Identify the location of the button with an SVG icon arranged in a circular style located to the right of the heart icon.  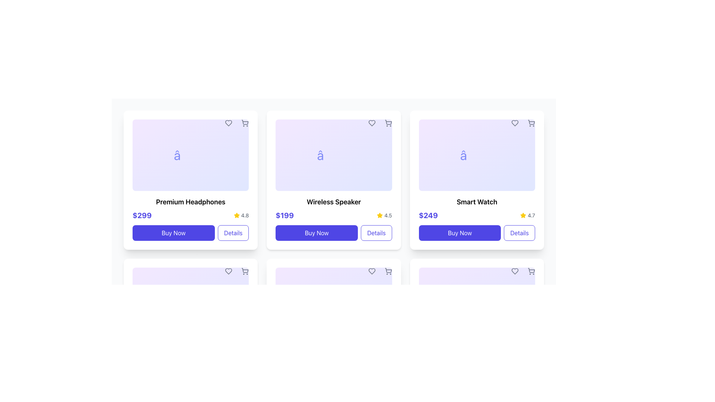
(245, 271).